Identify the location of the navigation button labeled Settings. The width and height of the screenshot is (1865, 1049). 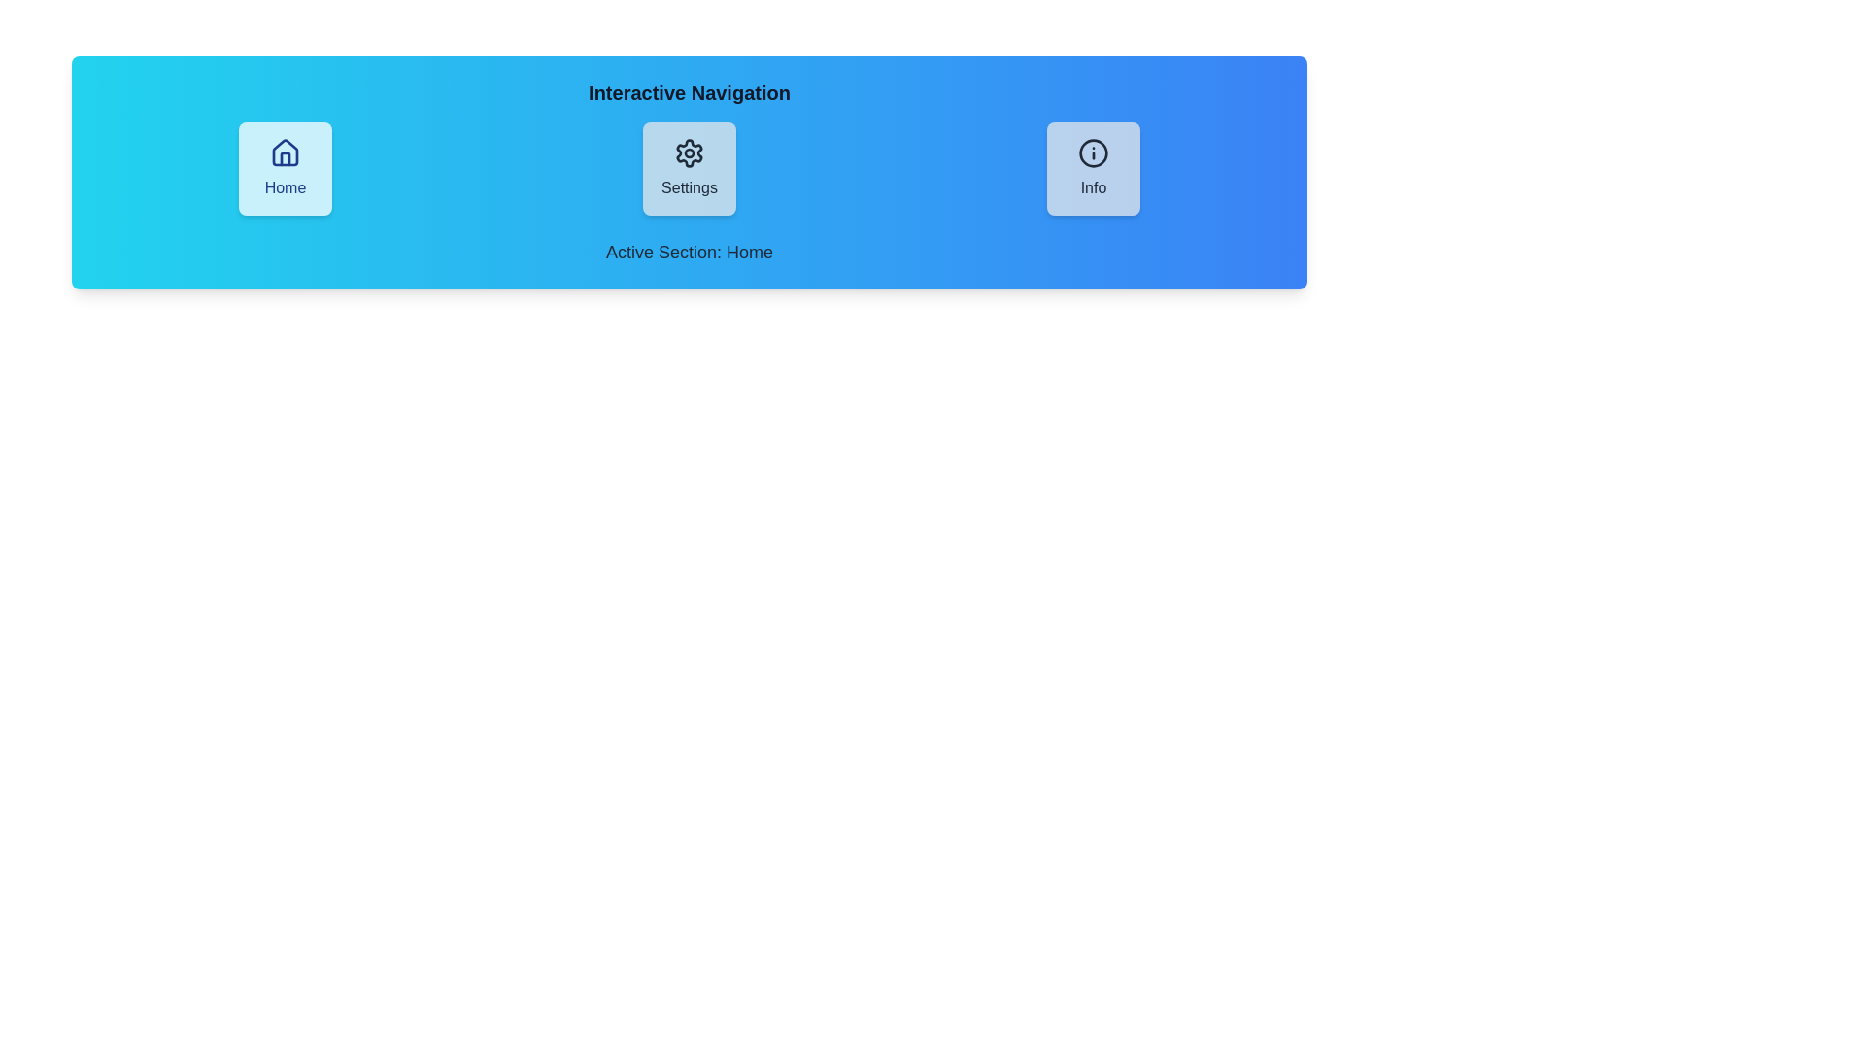
(690, 167).